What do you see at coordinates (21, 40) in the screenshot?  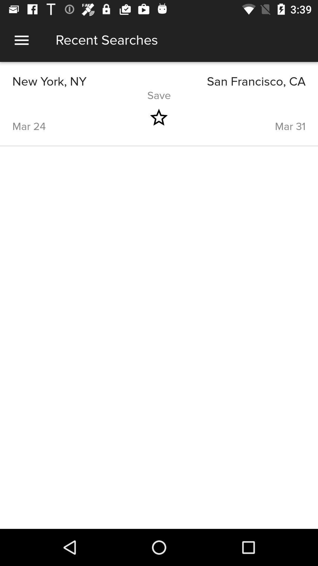 I see `the icon above the new york, ny` at bounding box center [21, 40].